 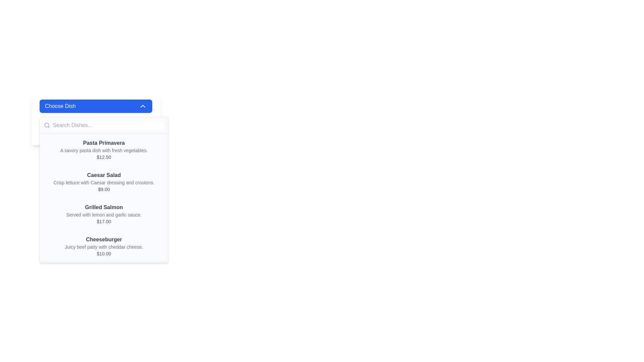 I want to click on the bold text label 'Caesar Salad' which is styled in dark grey and is the second item in the menu options under the 'Choose Dish' header, so click(x=104, y=175).